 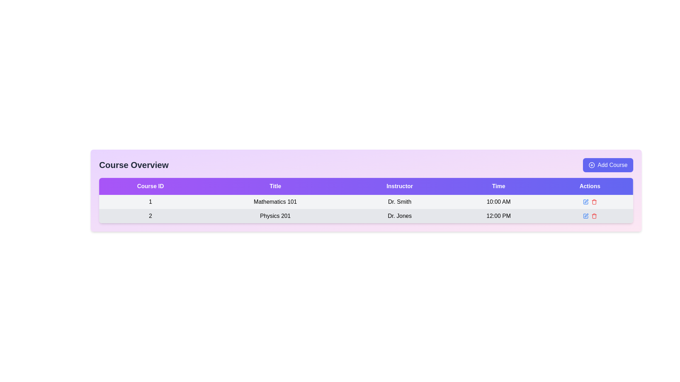 I want to click on the 'Add New Course' button located on the top-right corner next to the 'Course Overview' text, so click(x=607, y=165).